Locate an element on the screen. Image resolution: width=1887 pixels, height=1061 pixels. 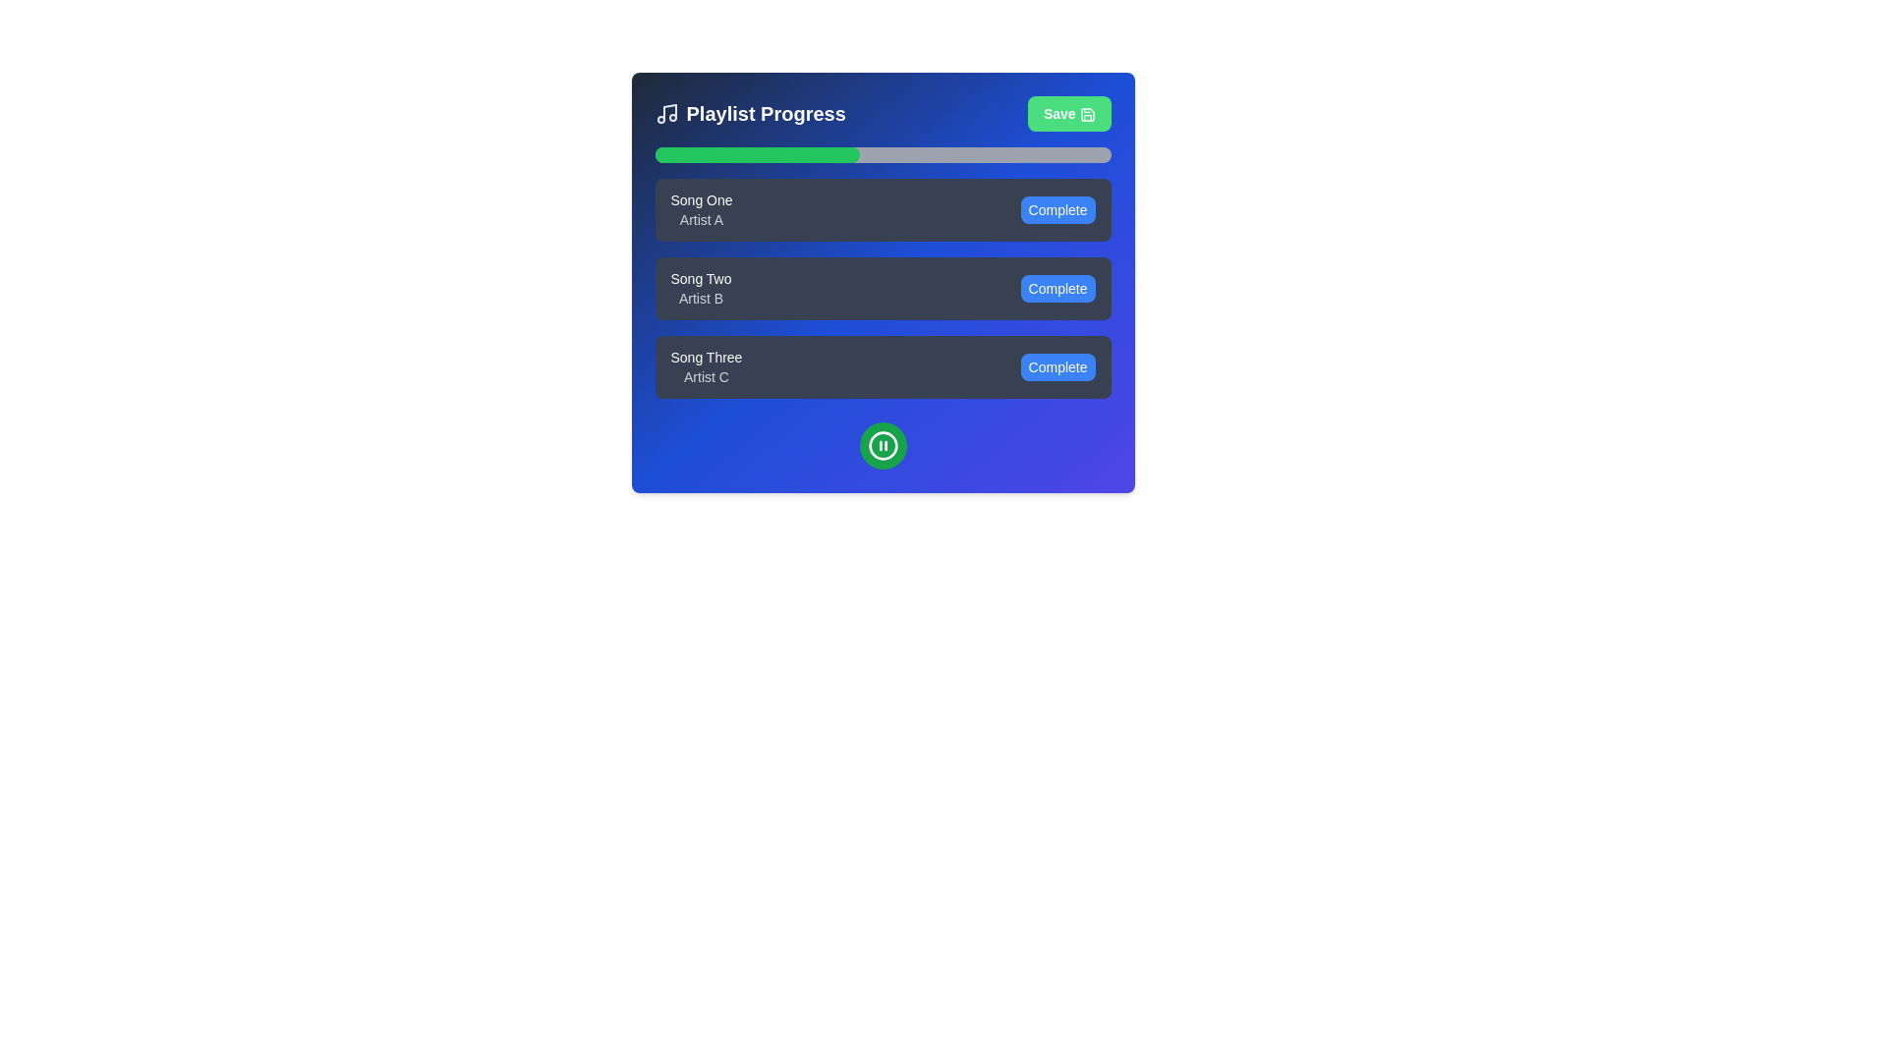
the pause/stop button located at the bottom of the main interface panel is located at coordinates (882, 446).